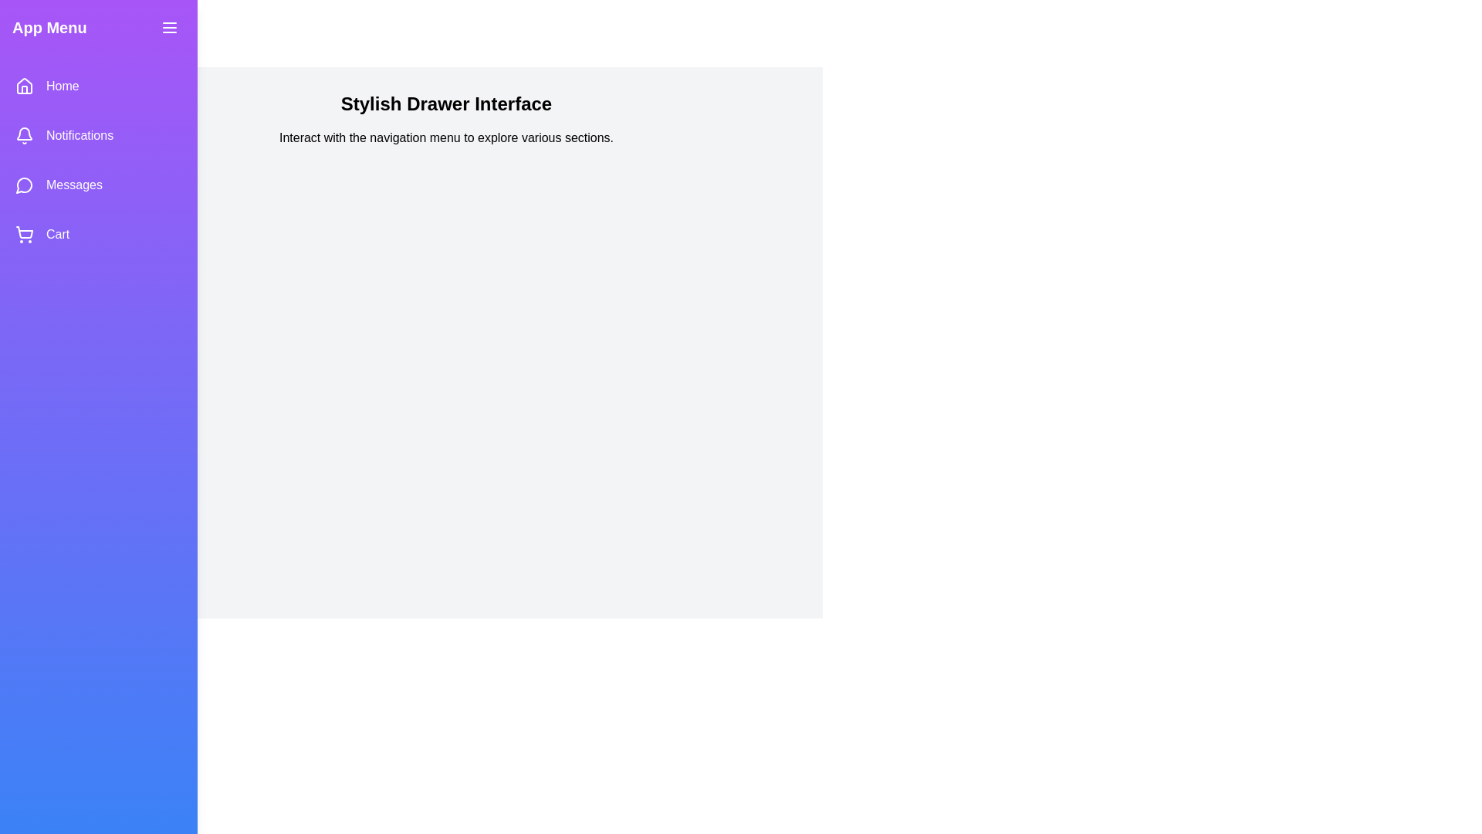  I want to click on the Messages navigation option from the StylishDrawer menu, so click(98, 184).